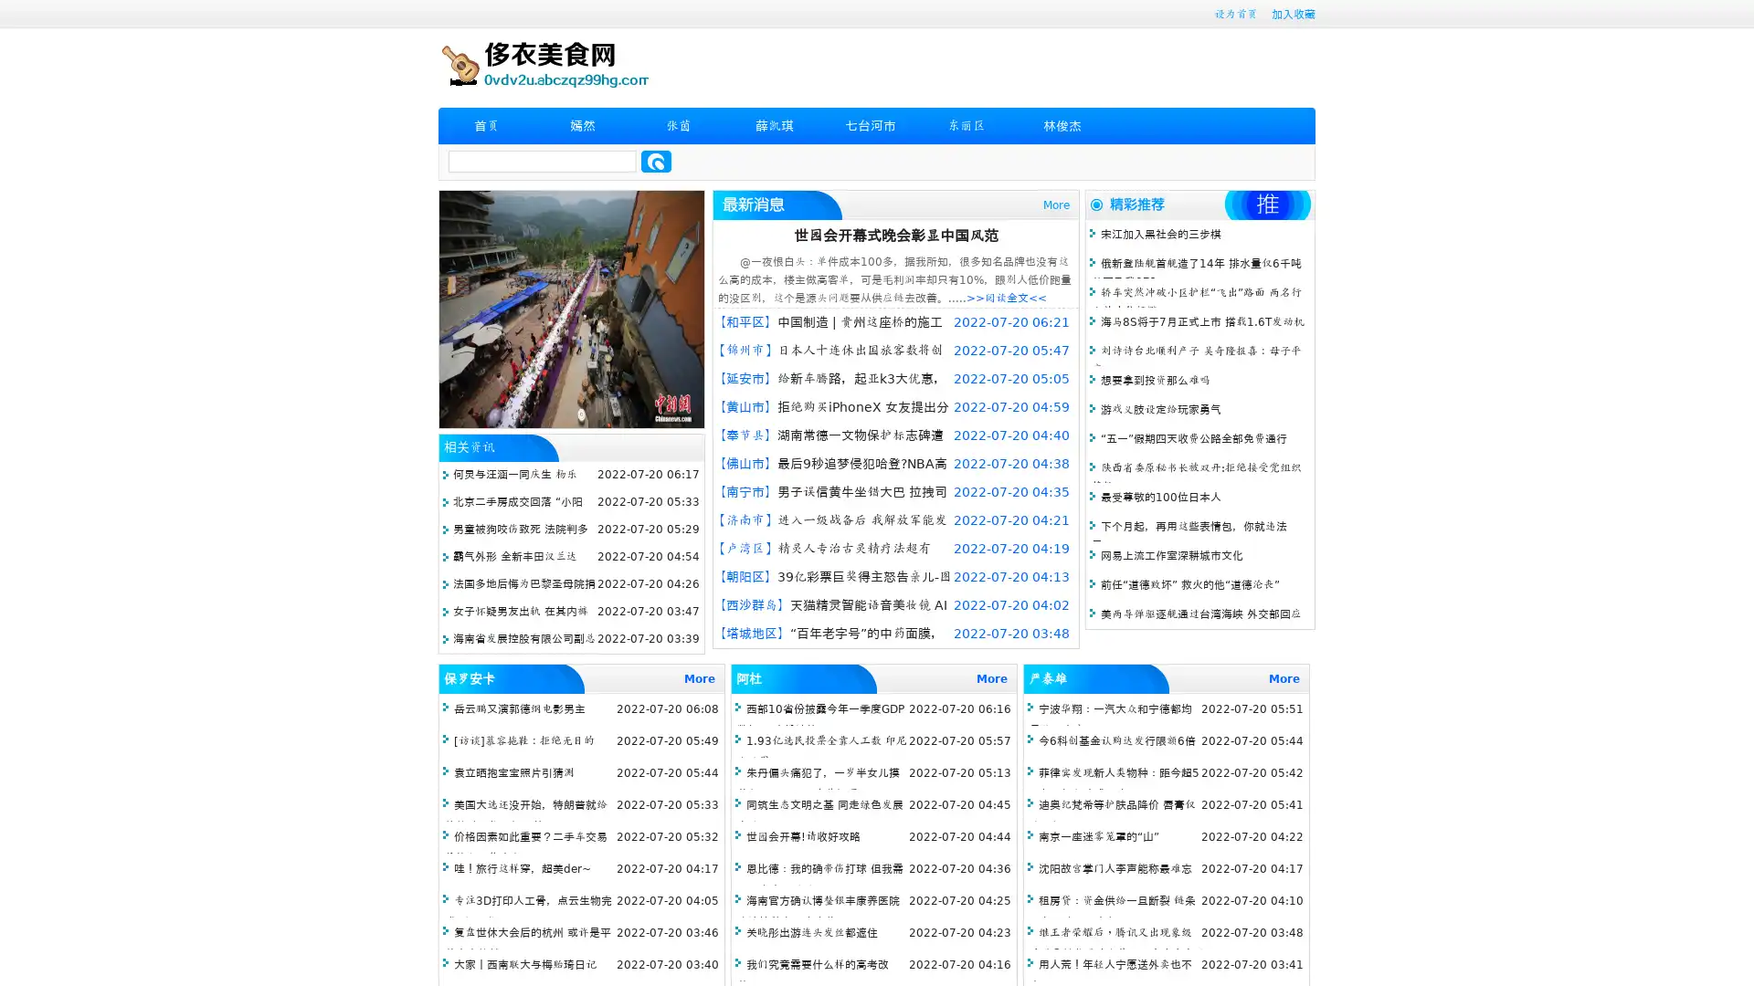 The width and height of the screenshot is (1754, 986). Describe the element at coordinates (656, 161) in the screenshot. I see `Search` at that location.